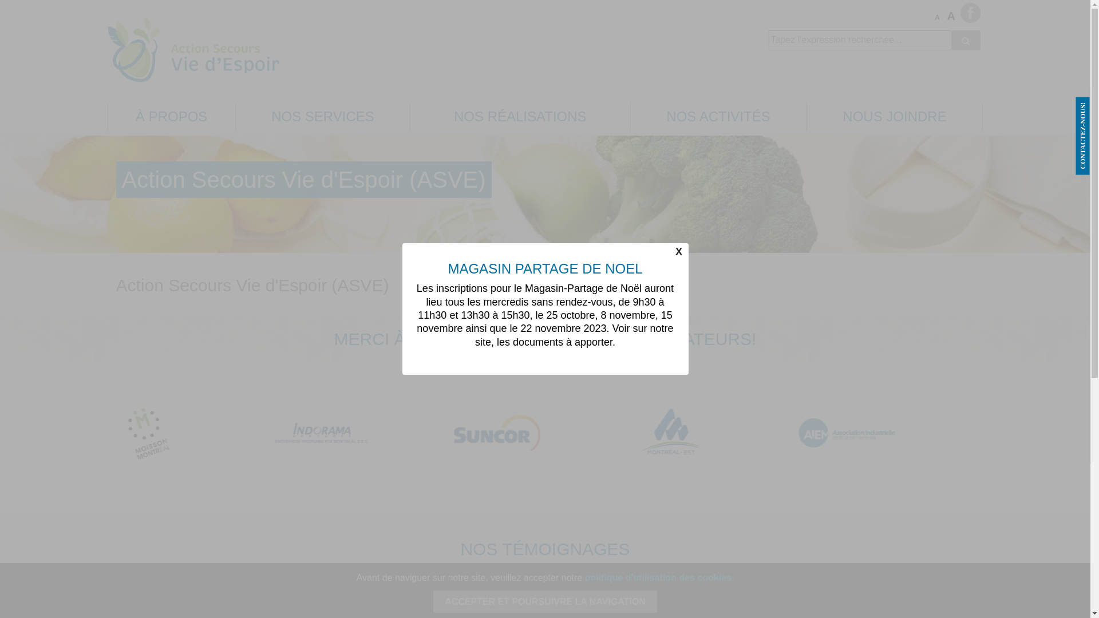 Image resolution: width=1099 pixels, height=618 pixels. What do you see at coordinates (544, 601) in the screenshot?
I see `'ACCEPTER ET POURSUIVRE LA NAVIGATION'` at bounding box center [544, 601].